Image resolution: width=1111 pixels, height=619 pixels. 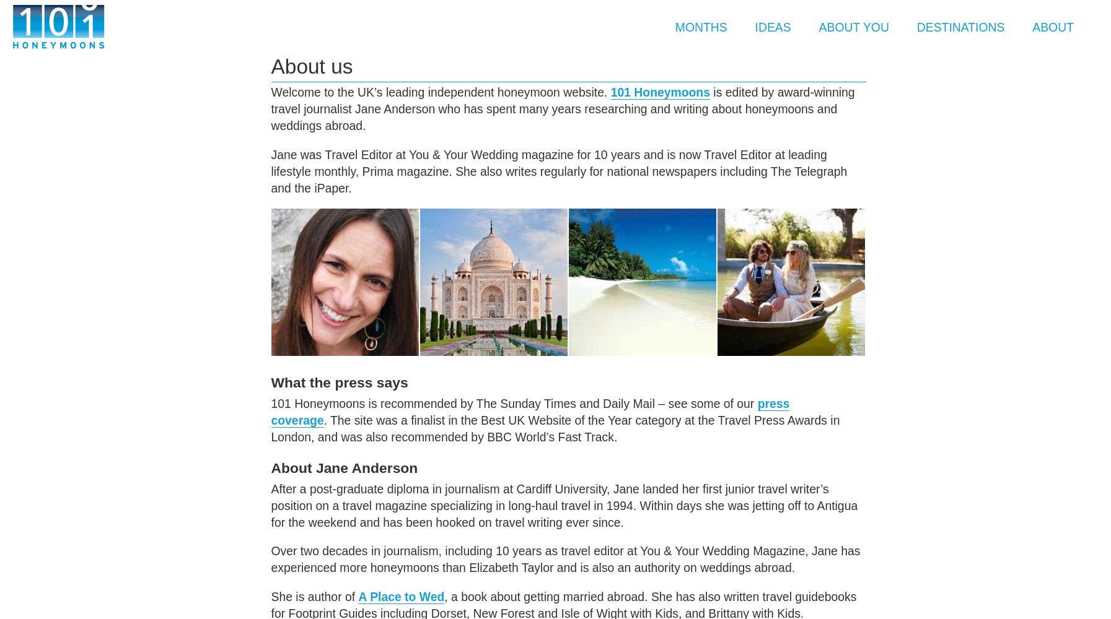 I want to click on 'Welcome to the UK’s leading independent honeymoon website.', so click(x=439, y=92).